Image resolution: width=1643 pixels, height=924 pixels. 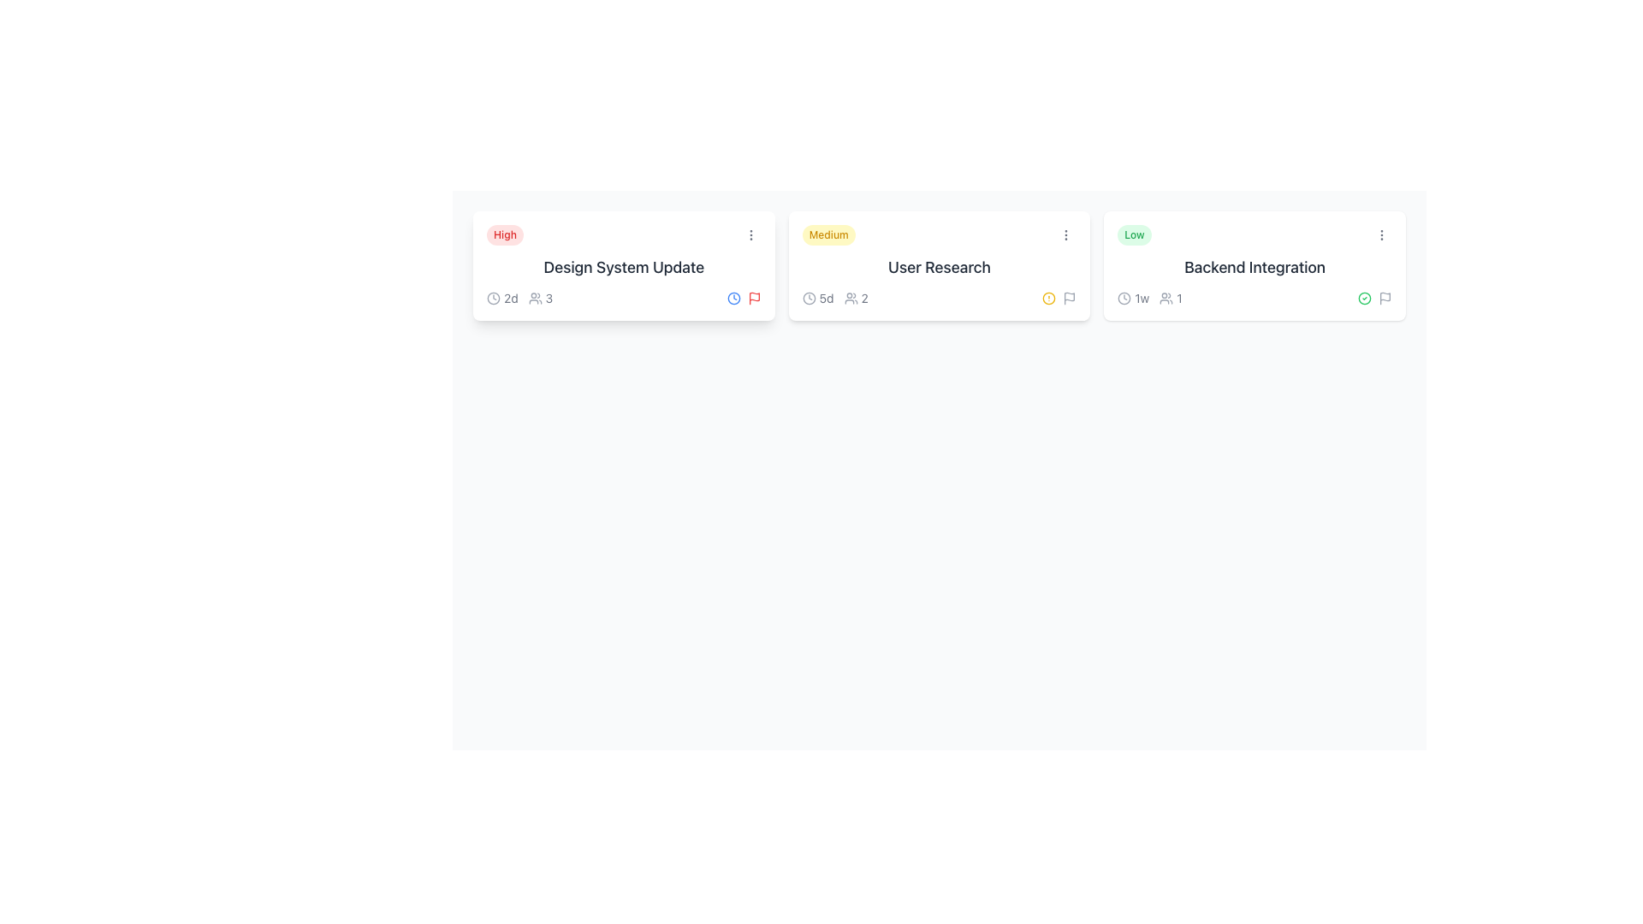 I want to click on the circular graphic within the check-circle icon located near the card labeled 'Backend Integration', so click(x=1363, y=297).